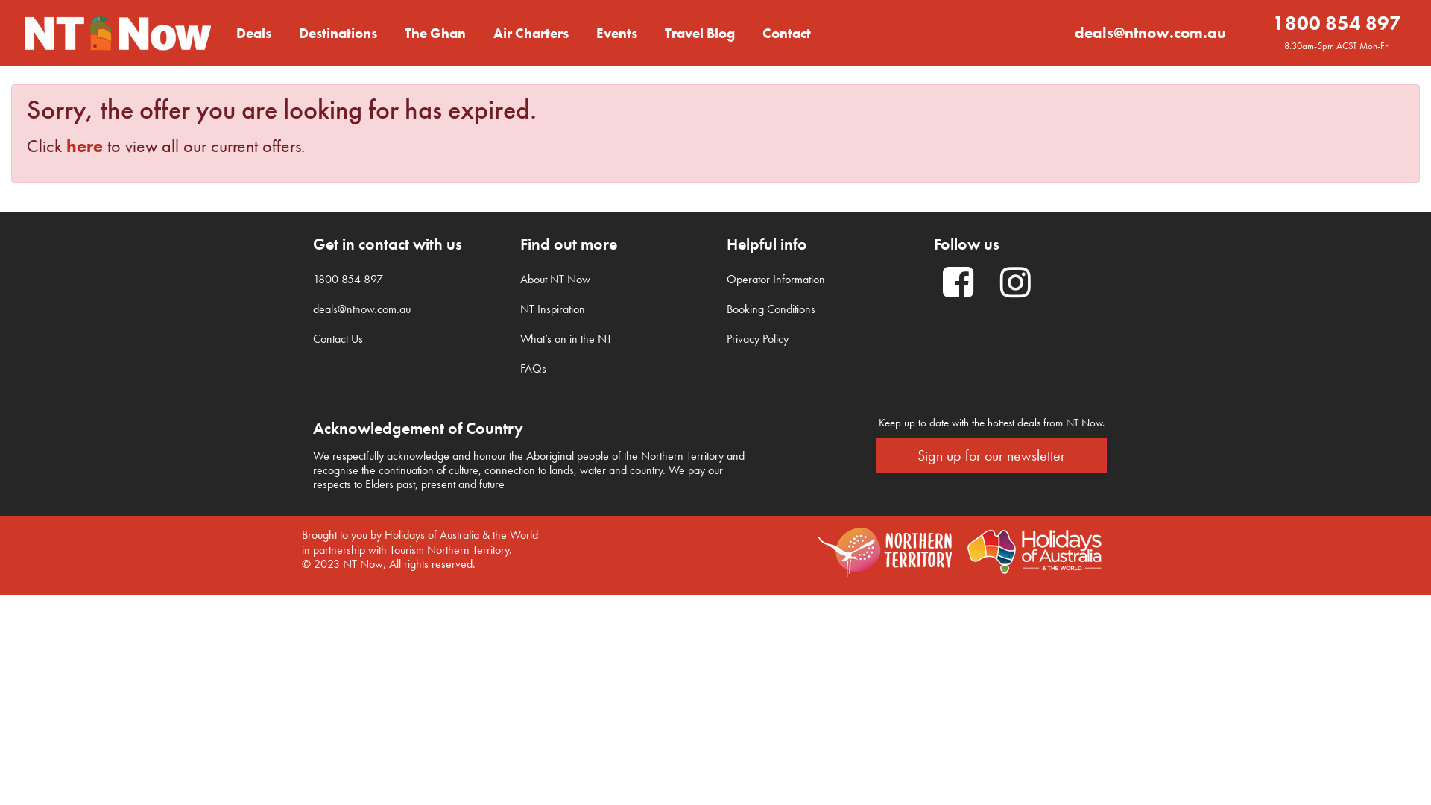 The width and height of the screenshot is (1431, 805). Describe the element at coordinates (337, 33) in the screenshot. I see `'Destinations'` at that location.